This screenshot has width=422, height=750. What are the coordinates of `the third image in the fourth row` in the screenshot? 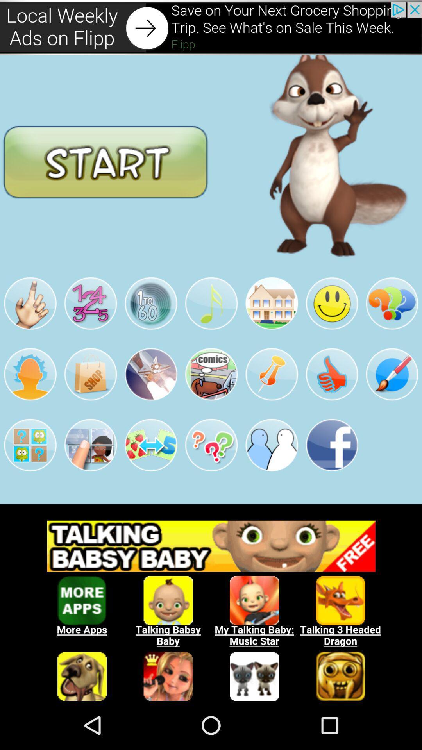 It's located at (151, 445).